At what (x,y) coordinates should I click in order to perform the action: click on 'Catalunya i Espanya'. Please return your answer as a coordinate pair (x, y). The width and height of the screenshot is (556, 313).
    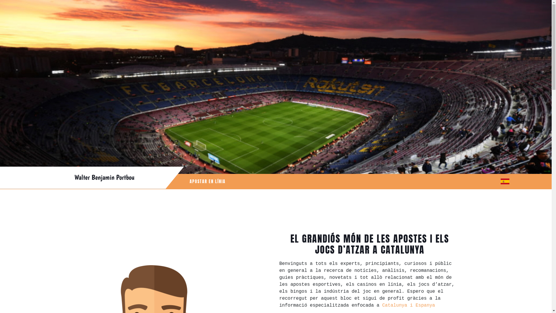
    Looking at the image, I should click on (408, 305).